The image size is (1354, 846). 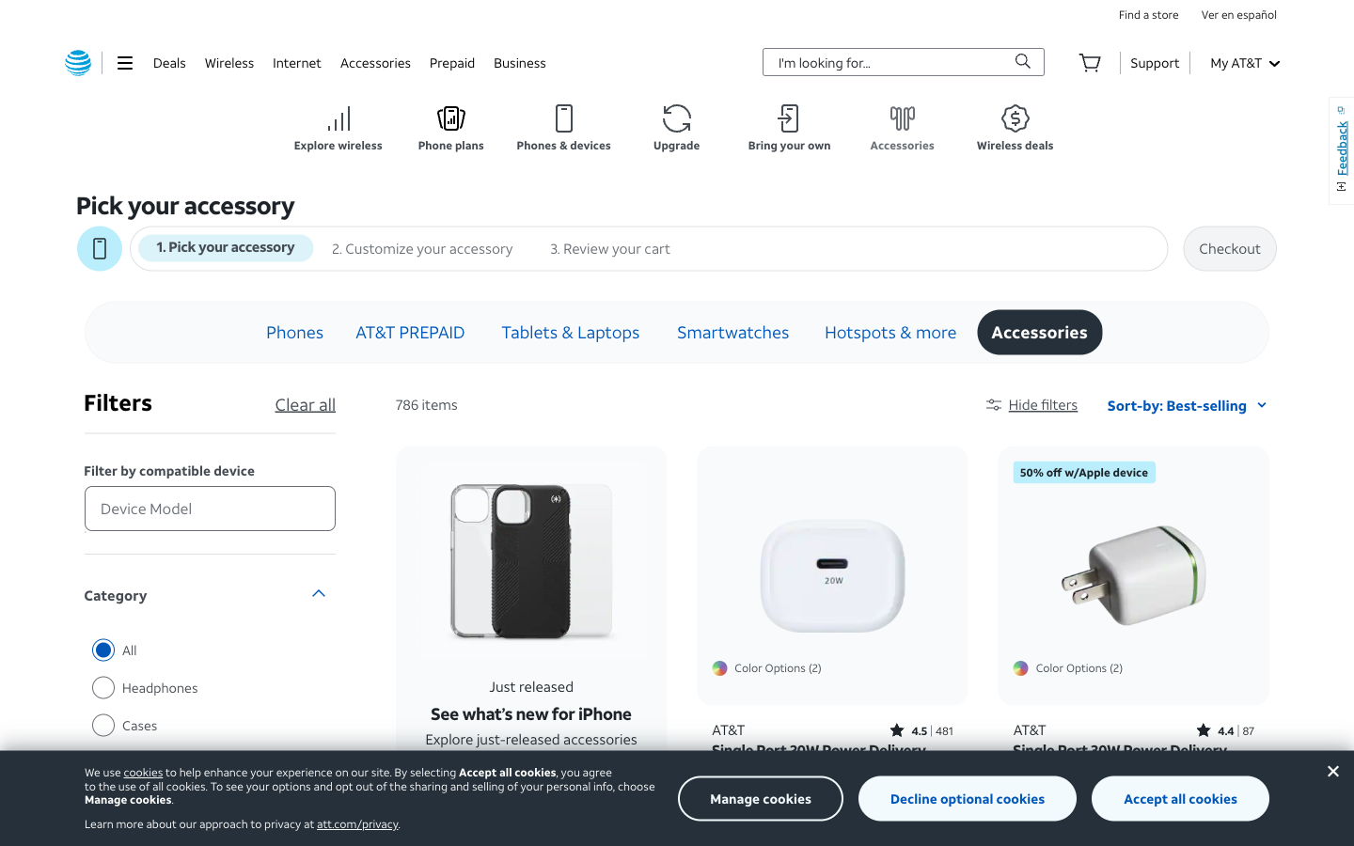 I want to click on Browse for the prepaid service packages, so click(x=451, y=61).